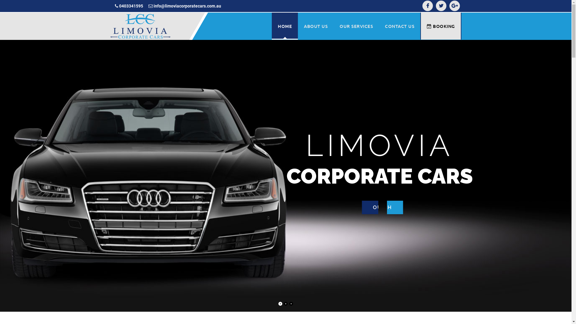 The width and height of the screenshot is (576, 324). I want to click on '0403341595', so click(115, 6).